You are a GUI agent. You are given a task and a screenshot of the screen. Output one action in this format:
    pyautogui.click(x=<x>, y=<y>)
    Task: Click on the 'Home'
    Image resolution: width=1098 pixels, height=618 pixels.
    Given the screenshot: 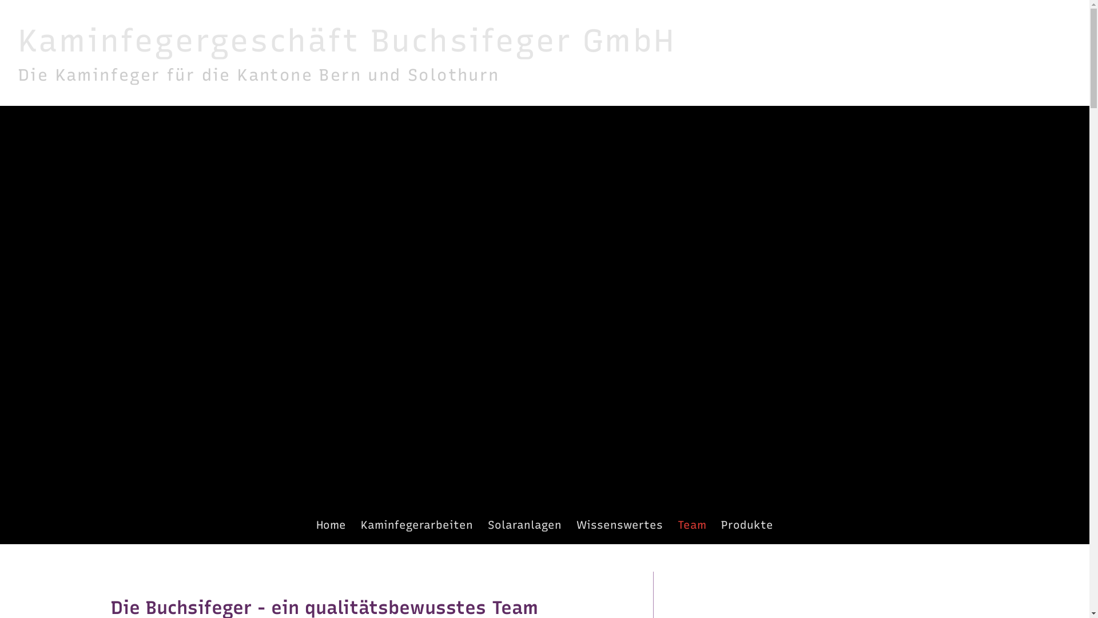 What is the action you would take?
    pyautogui.click(x=329, y=525)
    